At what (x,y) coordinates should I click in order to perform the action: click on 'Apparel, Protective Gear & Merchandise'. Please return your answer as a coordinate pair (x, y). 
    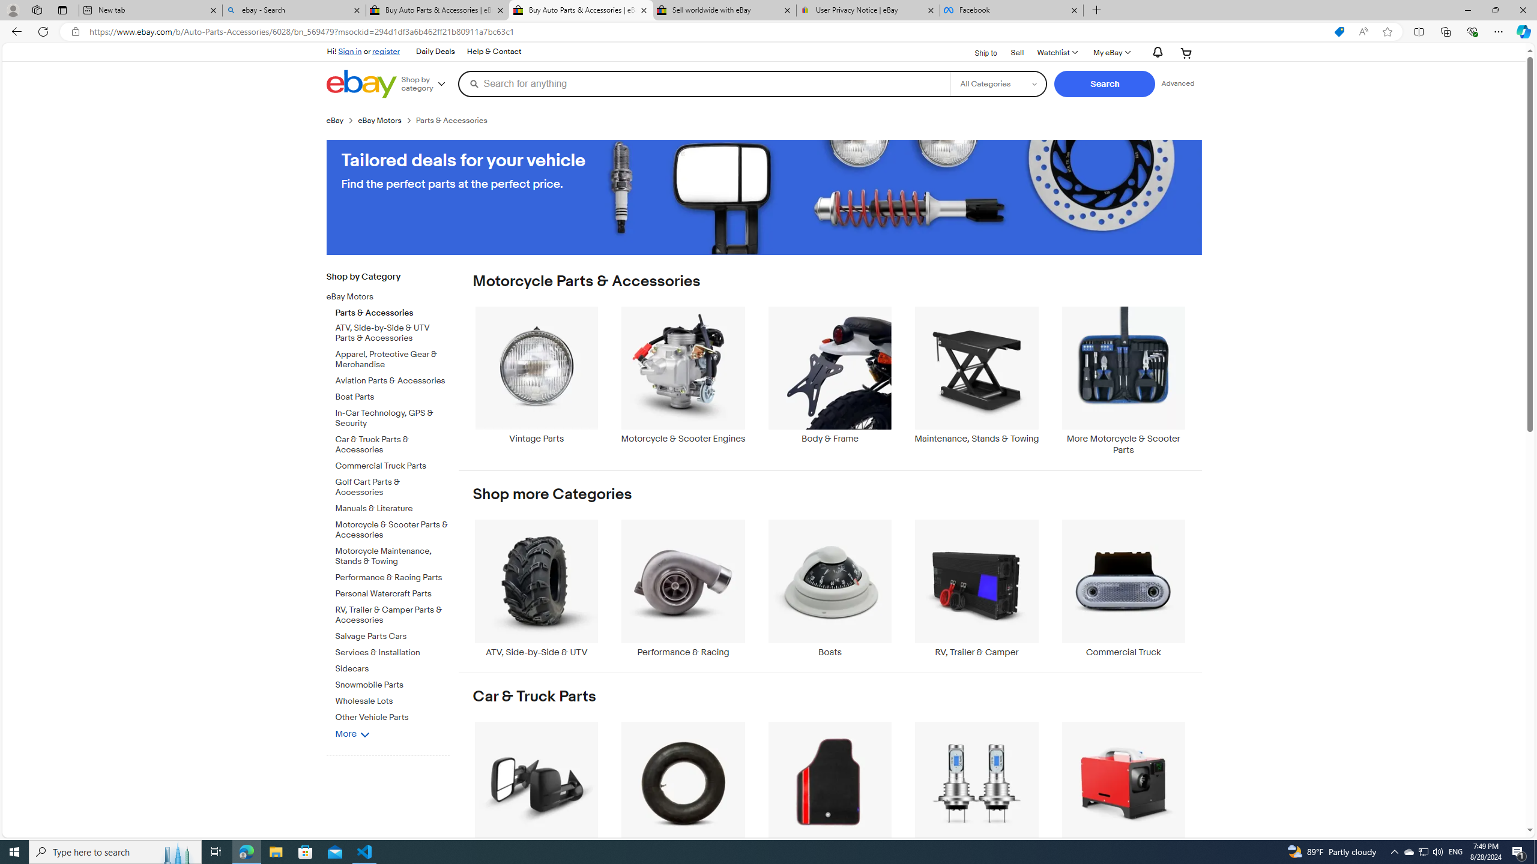
    Looking at the image, I should click on (392, 357).